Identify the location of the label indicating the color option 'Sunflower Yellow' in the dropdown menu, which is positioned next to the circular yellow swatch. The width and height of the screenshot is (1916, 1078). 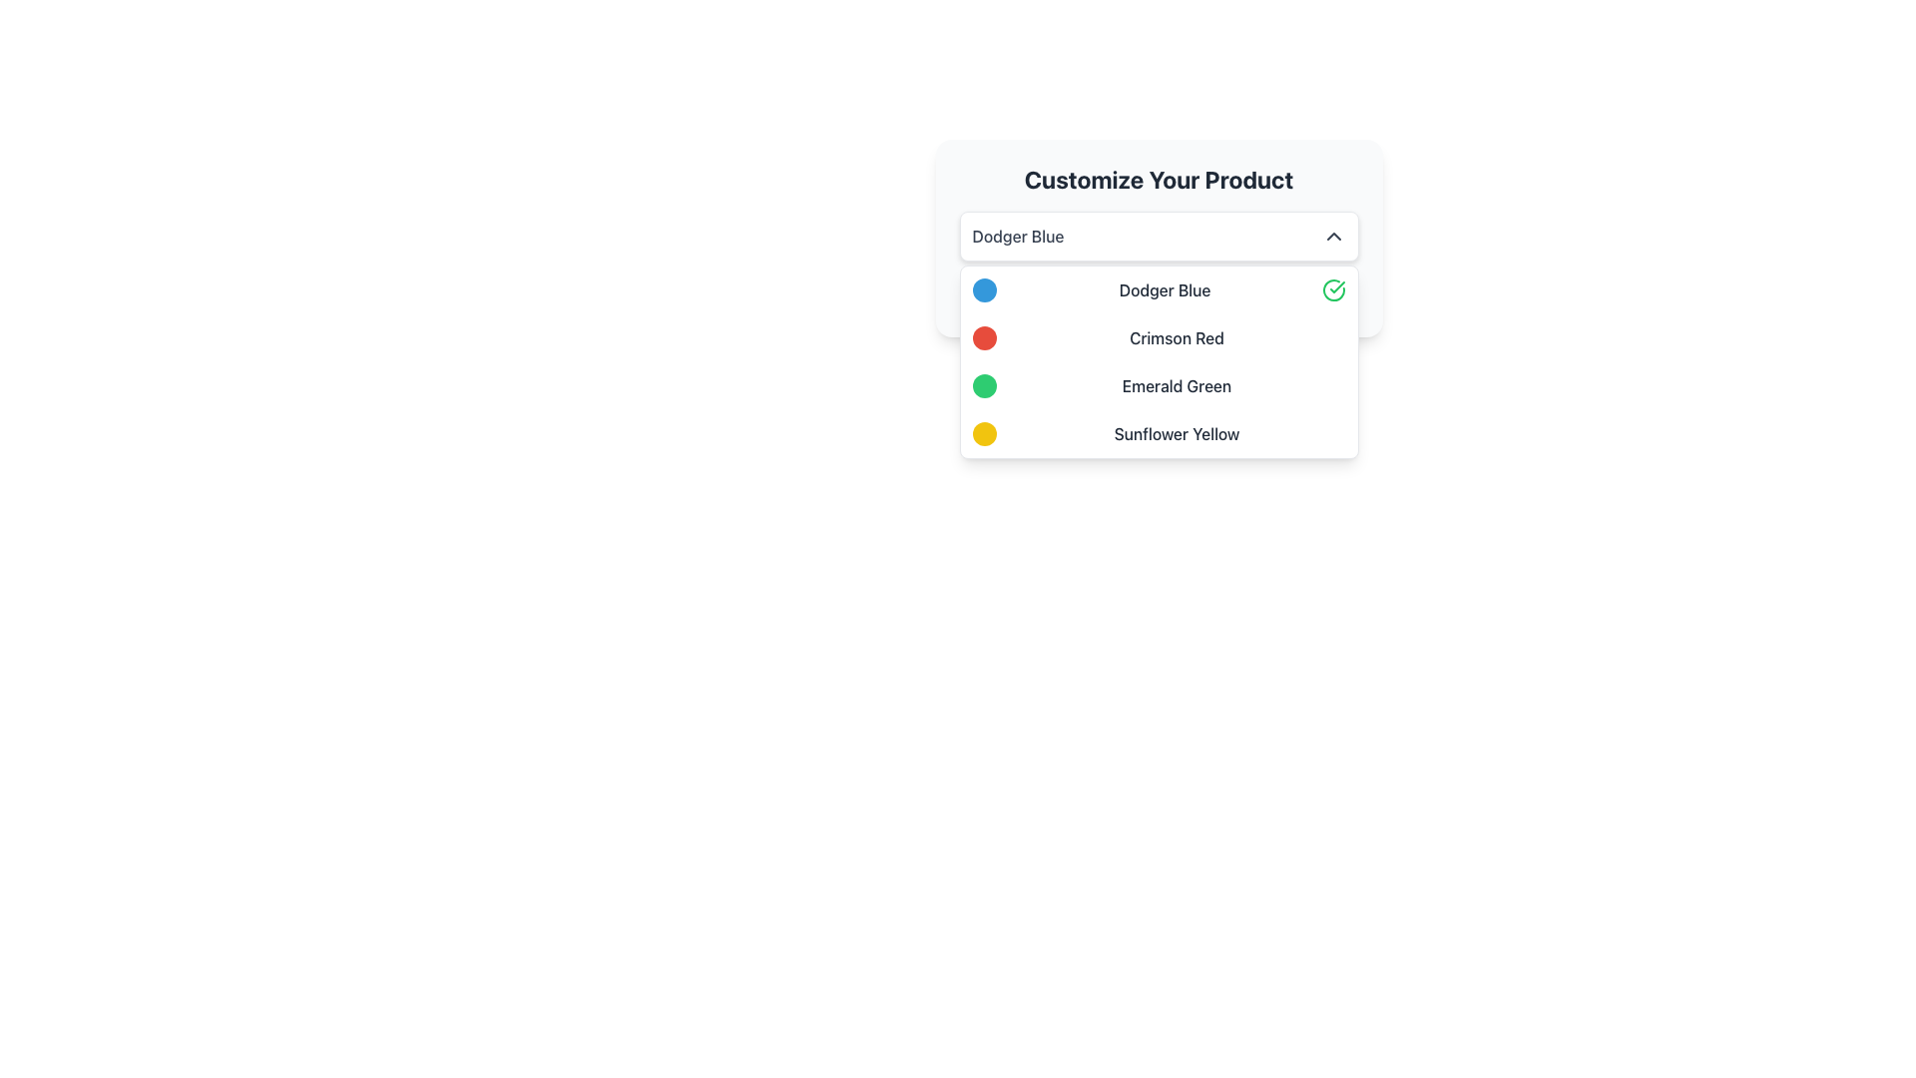
(1177, 433).